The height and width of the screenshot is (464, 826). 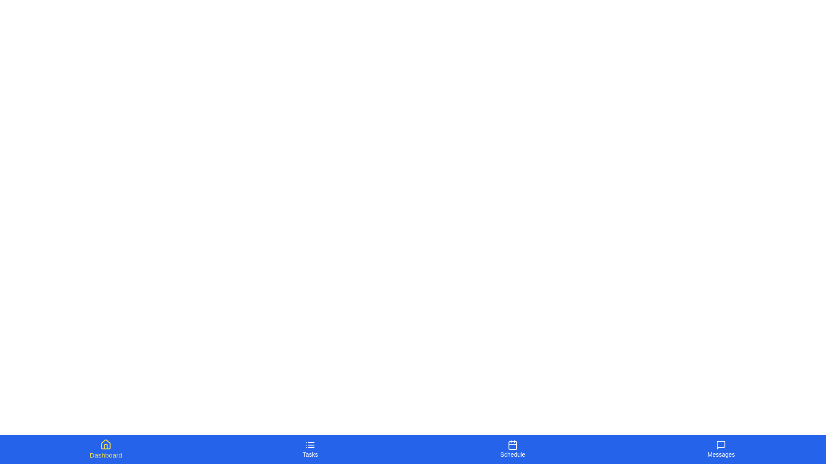 What do you see at coordinates (721, 449) in the screenshot?
I see `the tab labeled Messages in the bottom navigation` at bounding box center [721, 449].